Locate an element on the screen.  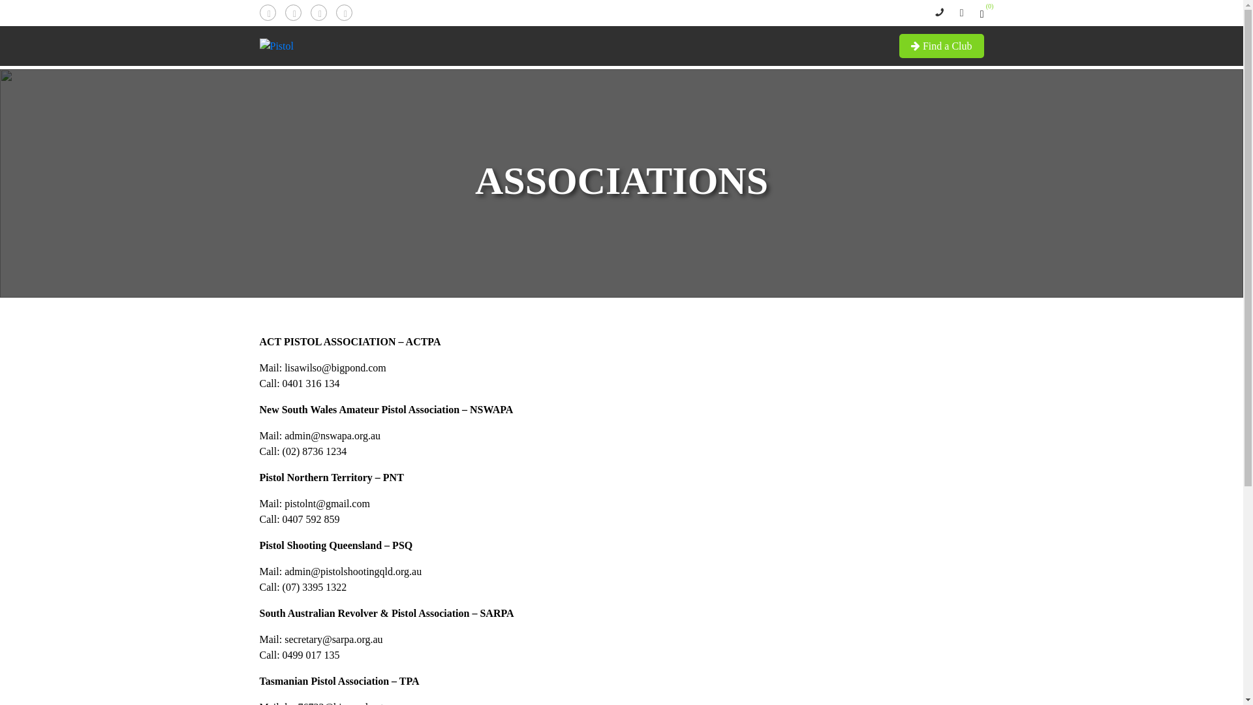
'youtube' is located at coordinates (343, 12).